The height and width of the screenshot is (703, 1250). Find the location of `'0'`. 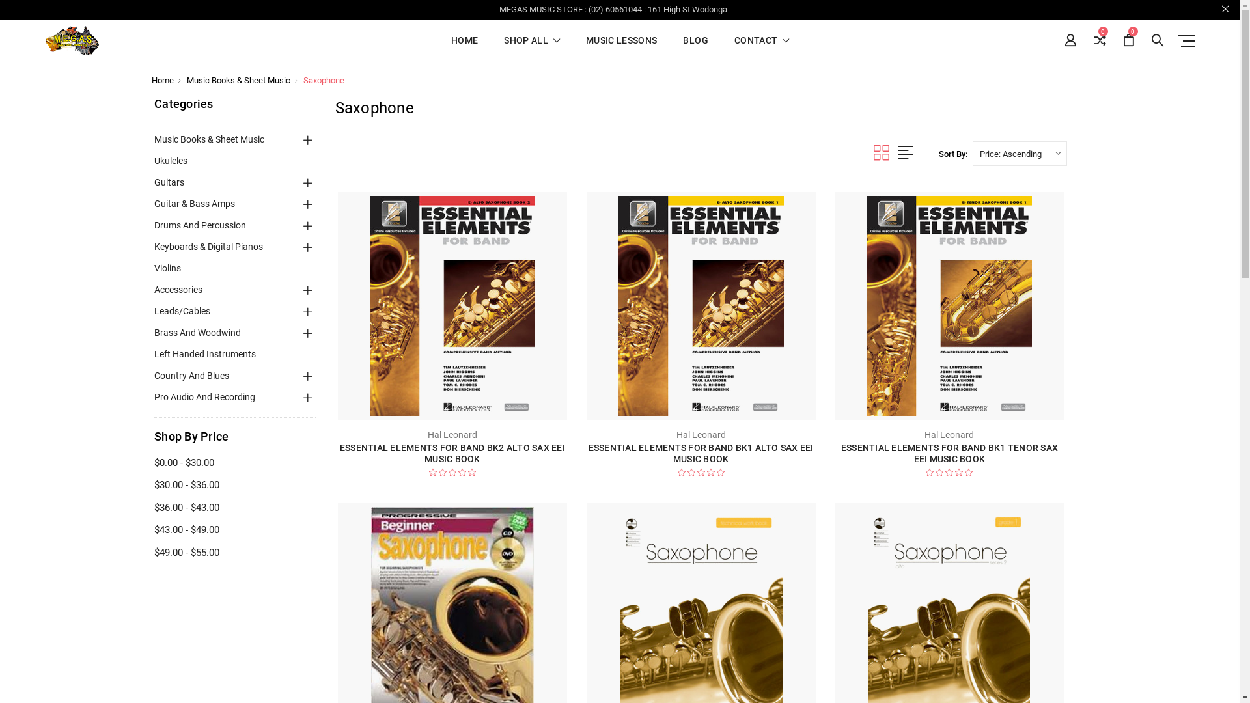

'0' is located at coordinates (1094, 39).